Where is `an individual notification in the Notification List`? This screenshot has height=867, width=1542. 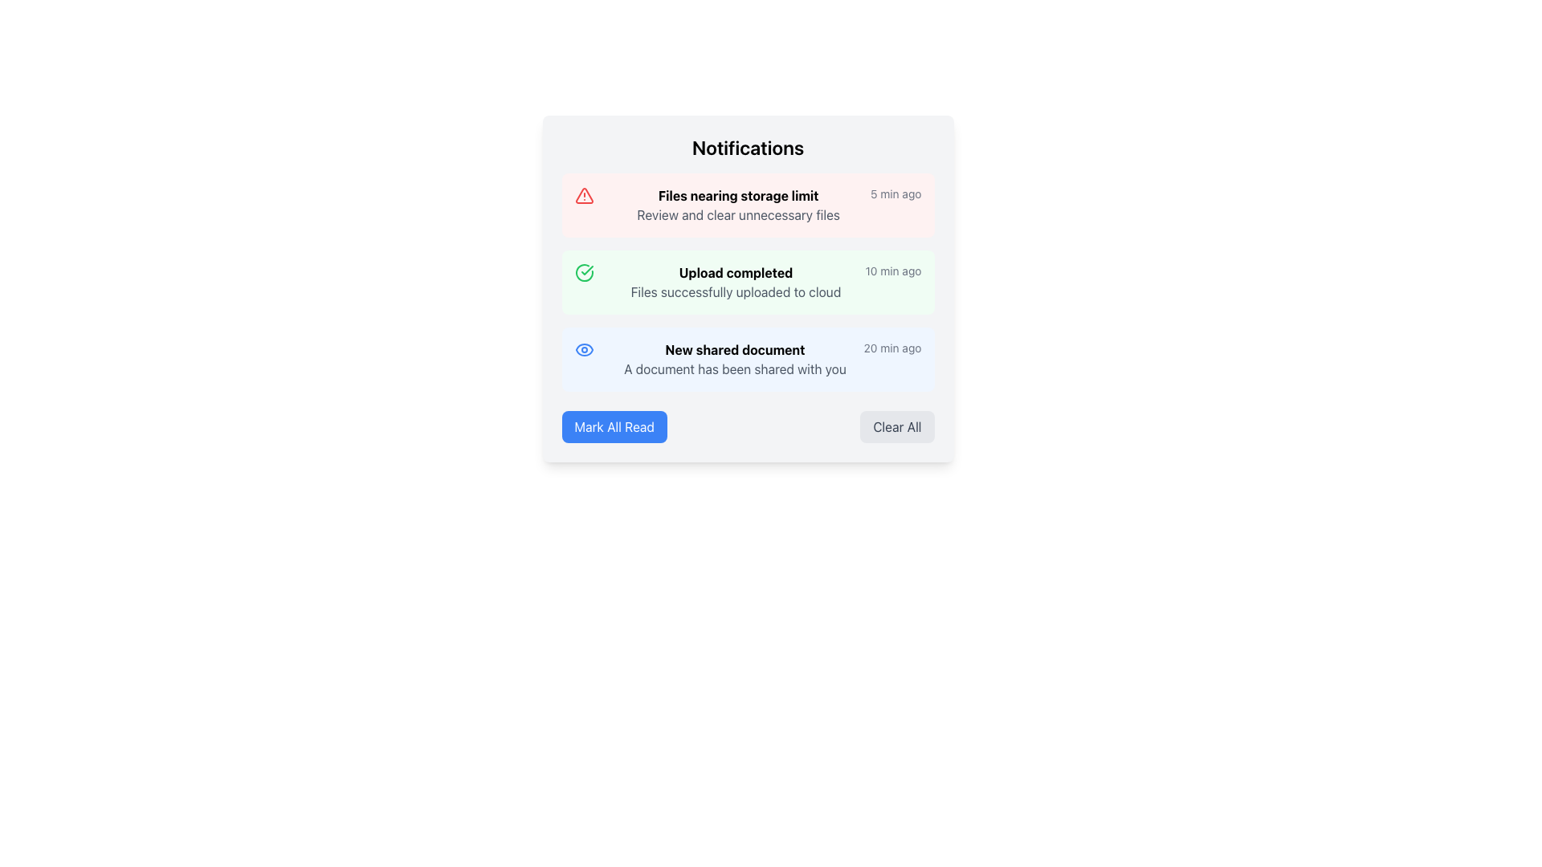
an individual notification in the Notification List is located at coordinates (747, 281).